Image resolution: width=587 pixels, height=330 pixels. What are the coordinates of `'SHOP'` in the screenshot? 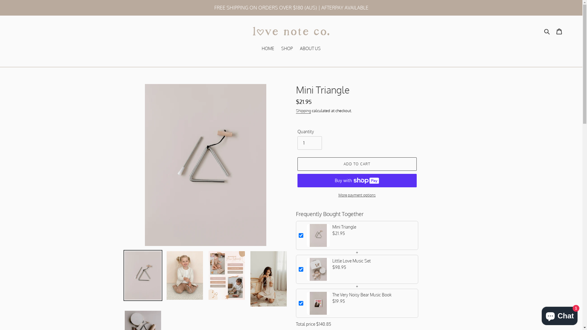 It's located at (287, 48).